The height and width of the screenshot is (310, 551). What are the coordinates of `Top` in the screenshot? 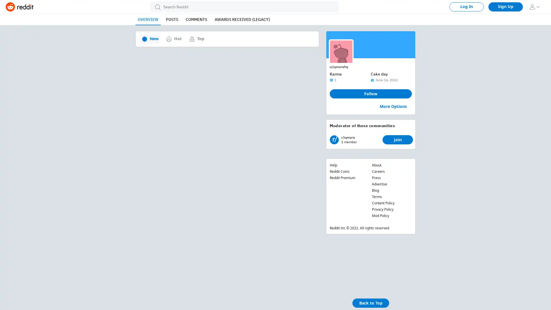 It's located at (197, 39).